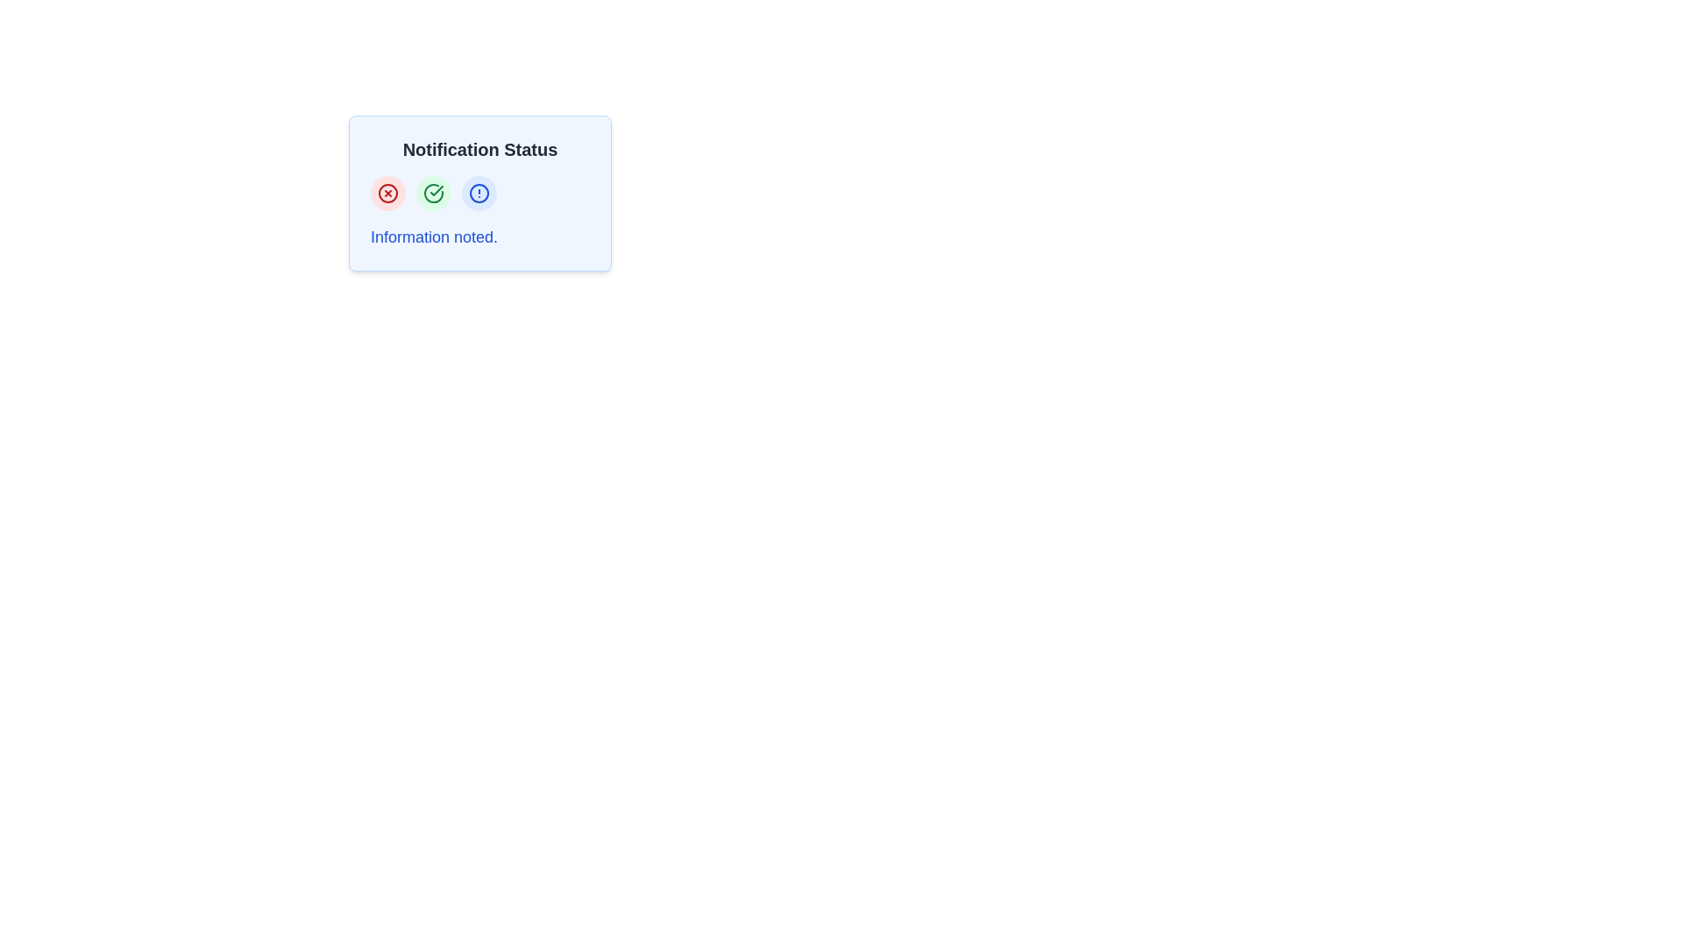 This screenshot has width=1683, height=946. Describe the element at coordinates (479, 193) in the screenshot. I see `the circular blue button with a white border containing an alert icon, located within the 'Notification Status' card` at that location.